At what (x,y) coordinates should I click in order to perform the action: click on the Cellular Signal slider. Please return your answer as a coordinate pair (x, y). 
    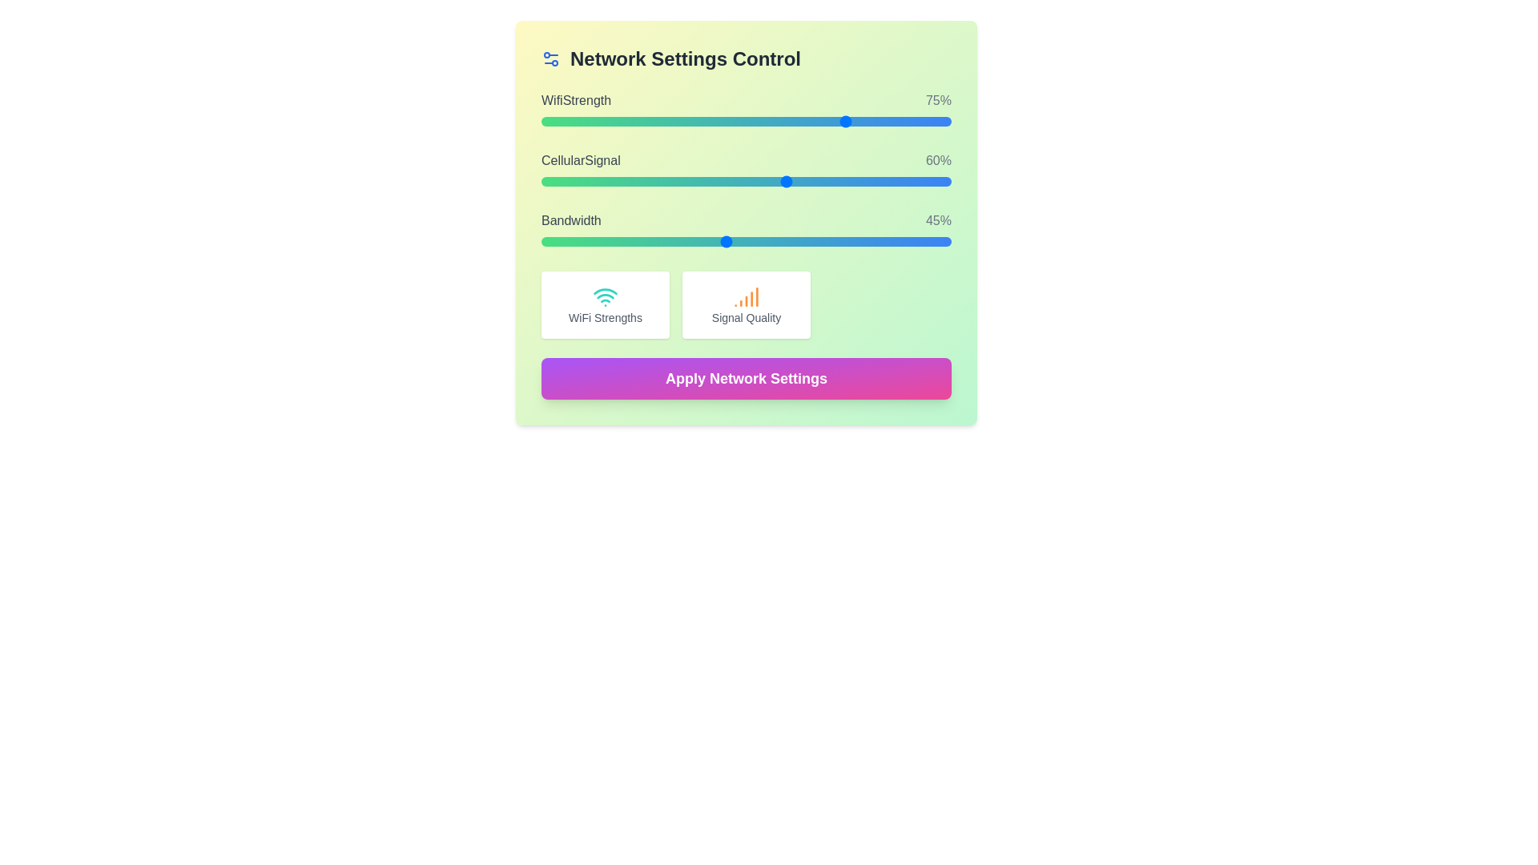
    Looking at the image, I should click on (889, 181).